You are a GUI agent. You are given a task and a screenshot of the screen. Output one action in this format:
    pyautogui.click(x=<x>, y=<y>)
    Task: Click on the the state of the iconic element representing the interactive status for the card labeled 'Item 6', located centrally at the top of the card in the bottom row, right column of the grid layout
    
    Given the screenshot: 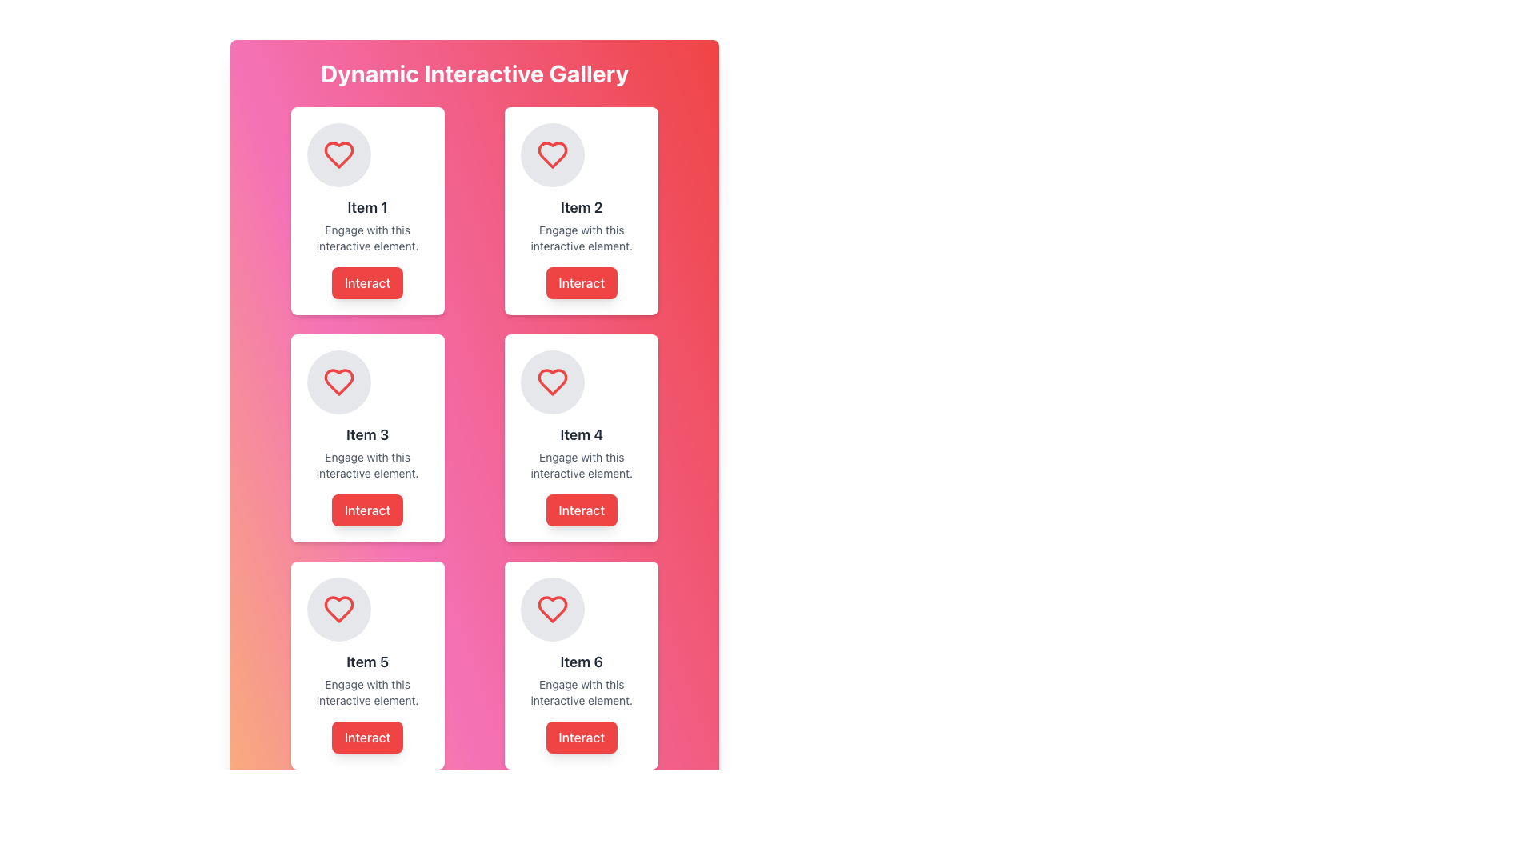 What is the action you would take?
    pyautogui.click(x=553, y=610)
    